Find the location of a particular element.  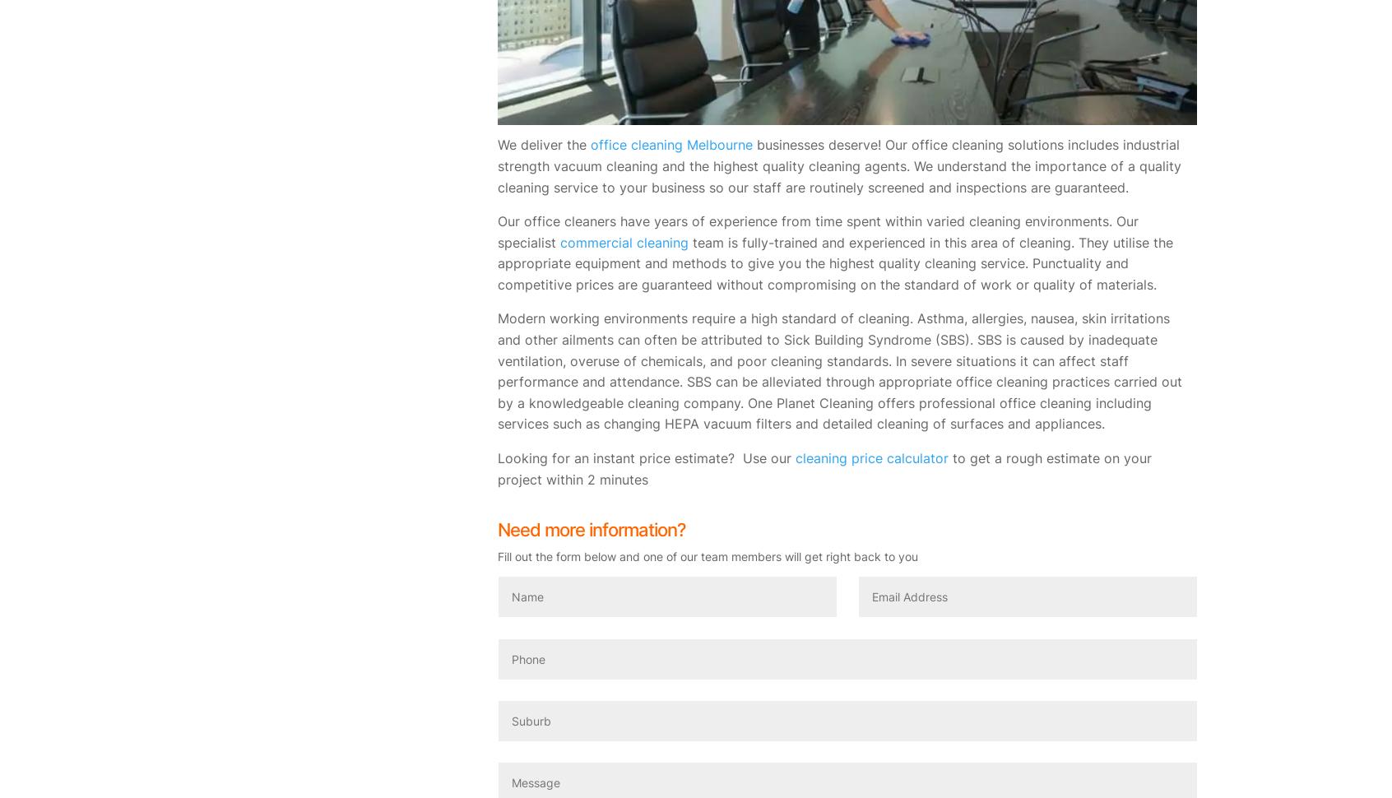

'Fill out the form below and one of our team members will get right back to you' is located at coordinates (707, 554).